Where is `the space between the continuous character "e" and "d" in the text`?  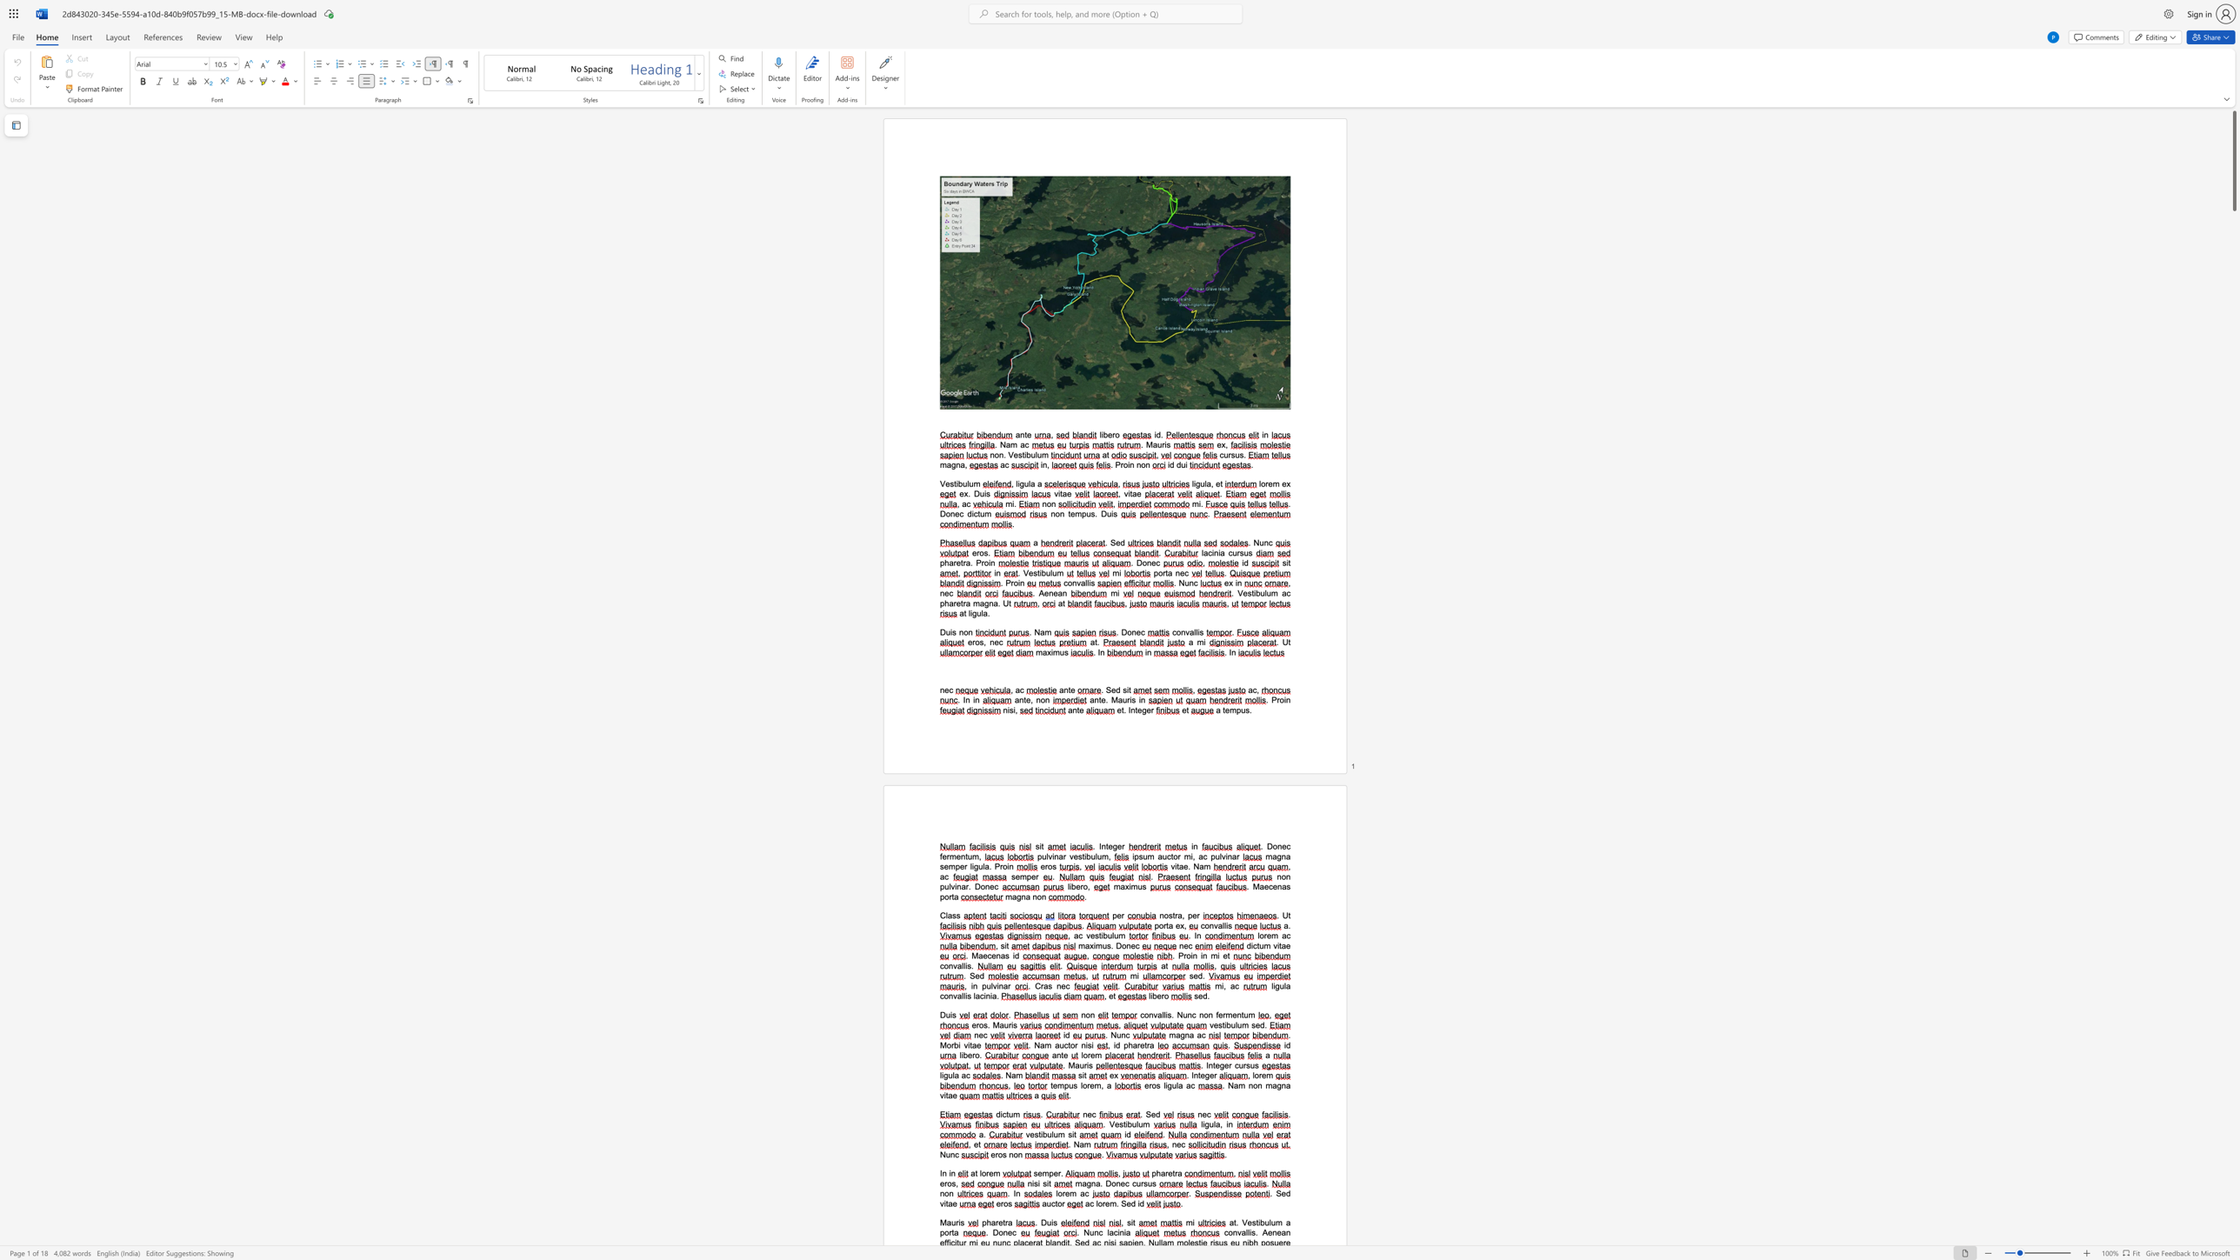
the space between the continuous character "e" and "d" in the text is located at coordinates (1130, 1203).